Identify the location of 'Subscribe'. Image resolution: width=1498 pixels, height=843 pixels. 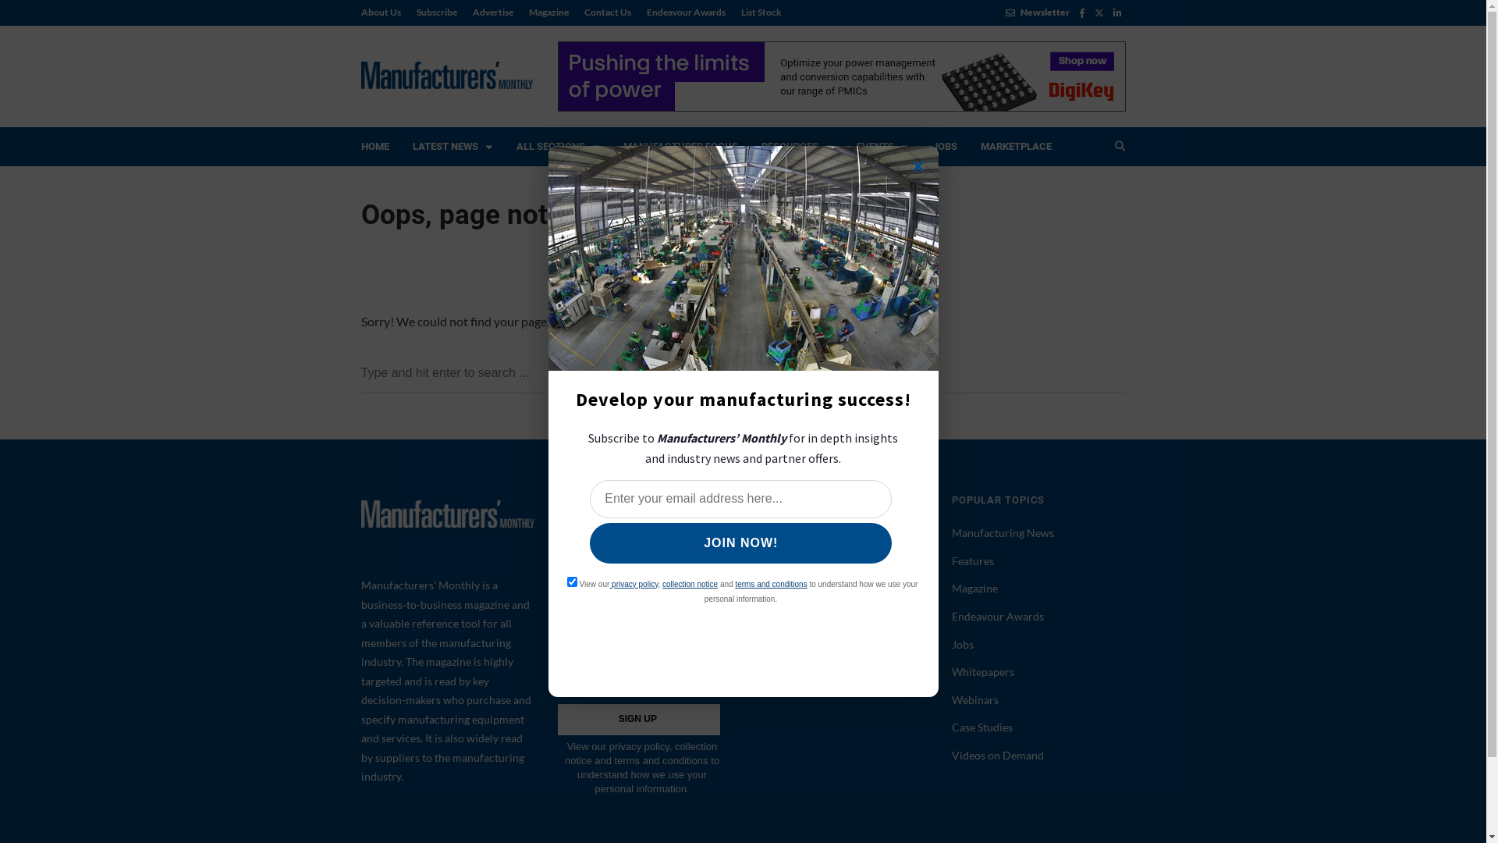
(437, 12).